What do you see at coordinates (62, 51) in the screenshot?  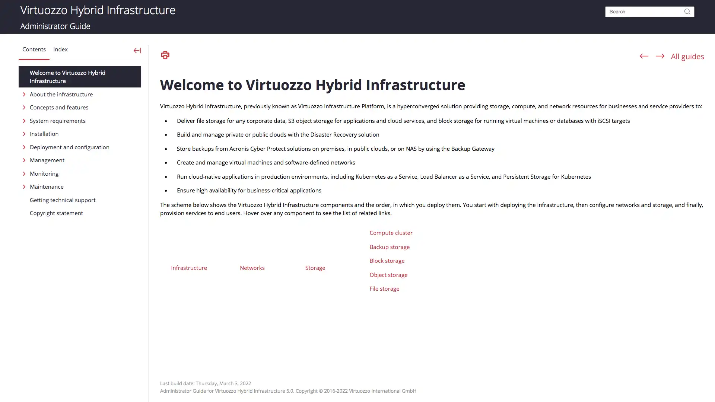 I see `Index` at bounding box center [62, 51].